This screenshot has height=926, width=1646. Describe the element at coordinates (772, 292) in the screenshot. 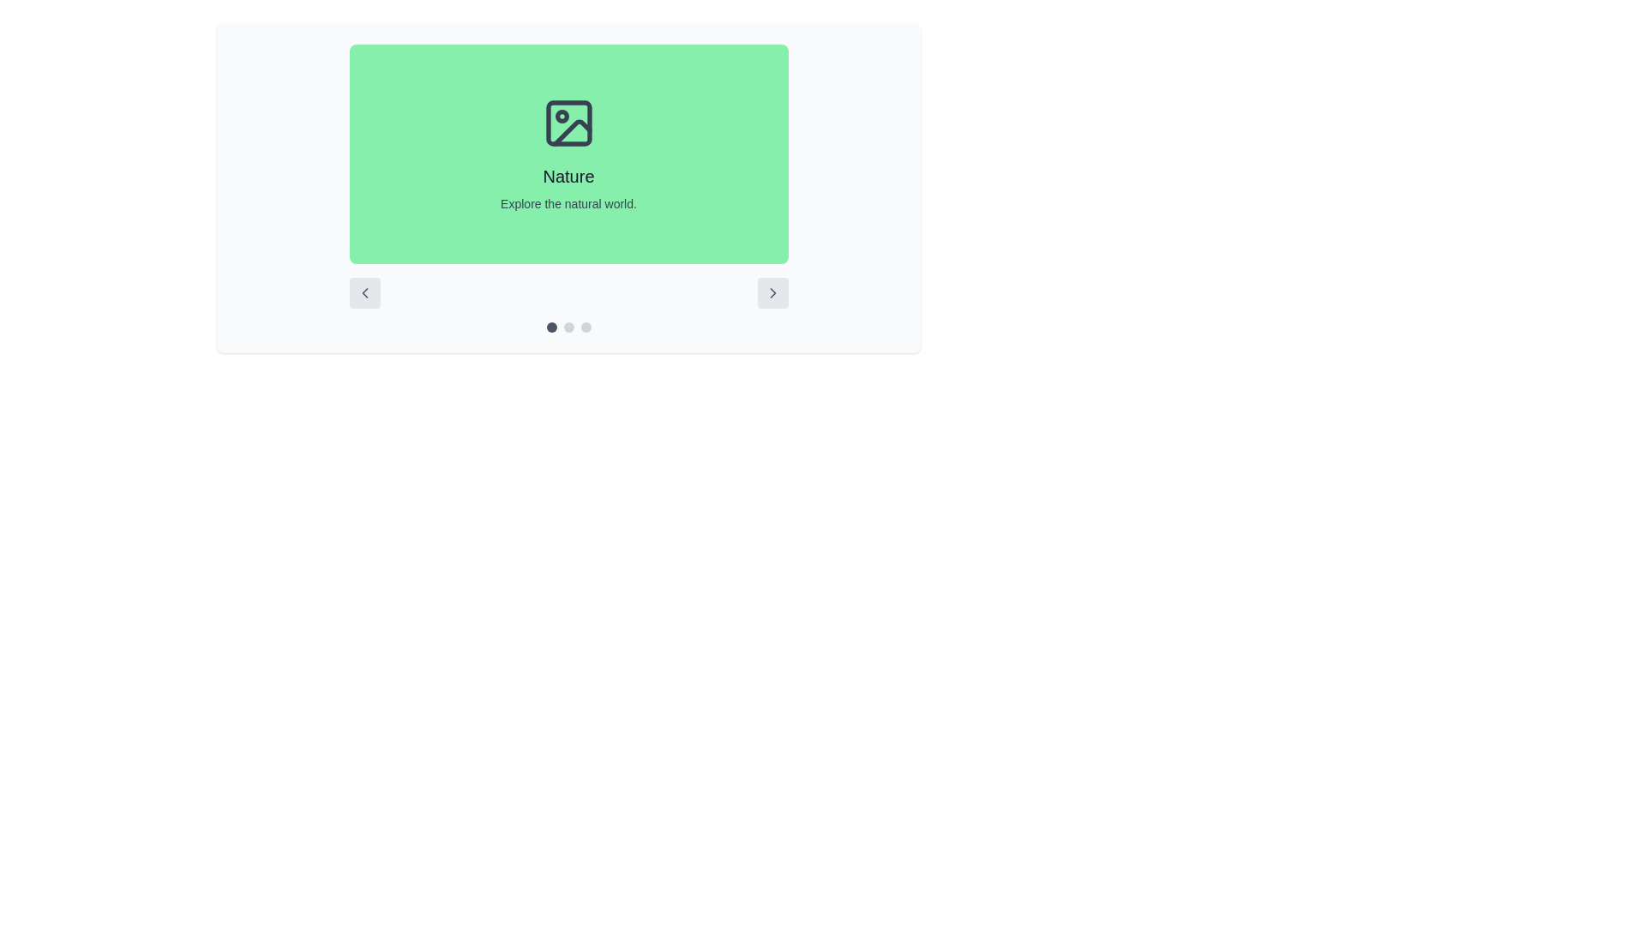

I see `the right-chevron SVG icon located in the bottom-right portion of the navigation control` at that location.